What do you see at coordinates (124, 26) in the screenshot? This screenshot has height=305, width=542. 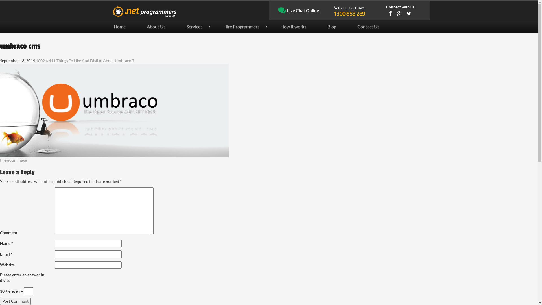 I see `'Home'` at bounding box center [124, 26].